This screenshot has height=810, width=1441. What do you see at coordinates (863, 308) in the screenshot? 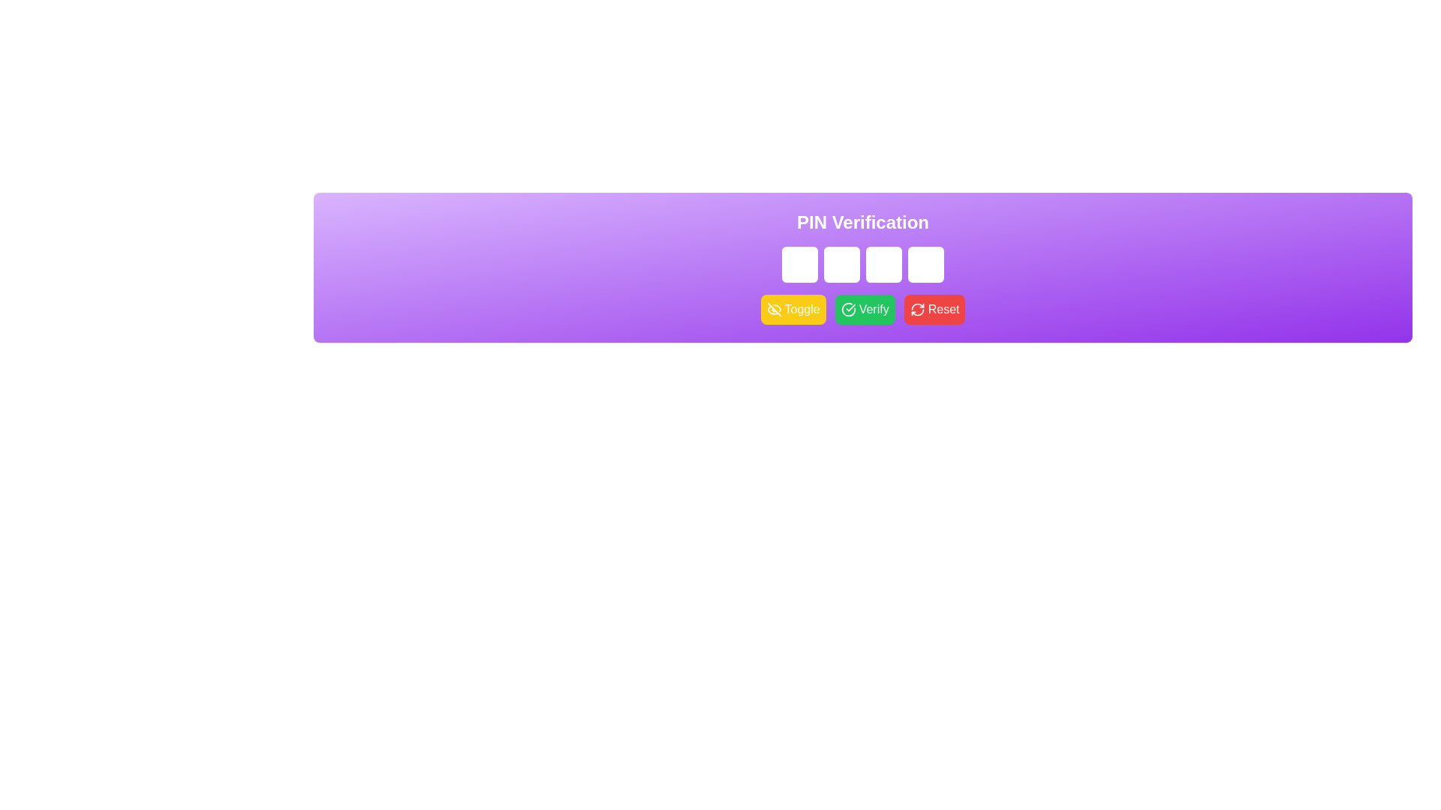
I see `the vibrant 'Verify' button with a green background and white bold text to initiate the verification process` at bounding box center [863, 308].